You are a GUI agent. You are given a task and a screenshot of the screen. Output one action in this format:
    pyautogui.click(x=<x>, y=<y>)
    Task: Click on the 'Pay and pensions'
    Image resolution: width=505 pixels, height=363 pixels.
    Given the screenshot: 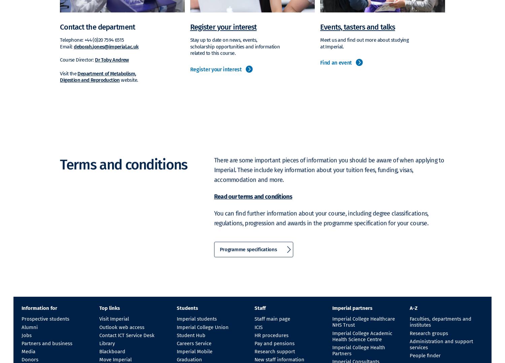 What is the action you would take?
    pyautogui.click(x=274, y=343)
    